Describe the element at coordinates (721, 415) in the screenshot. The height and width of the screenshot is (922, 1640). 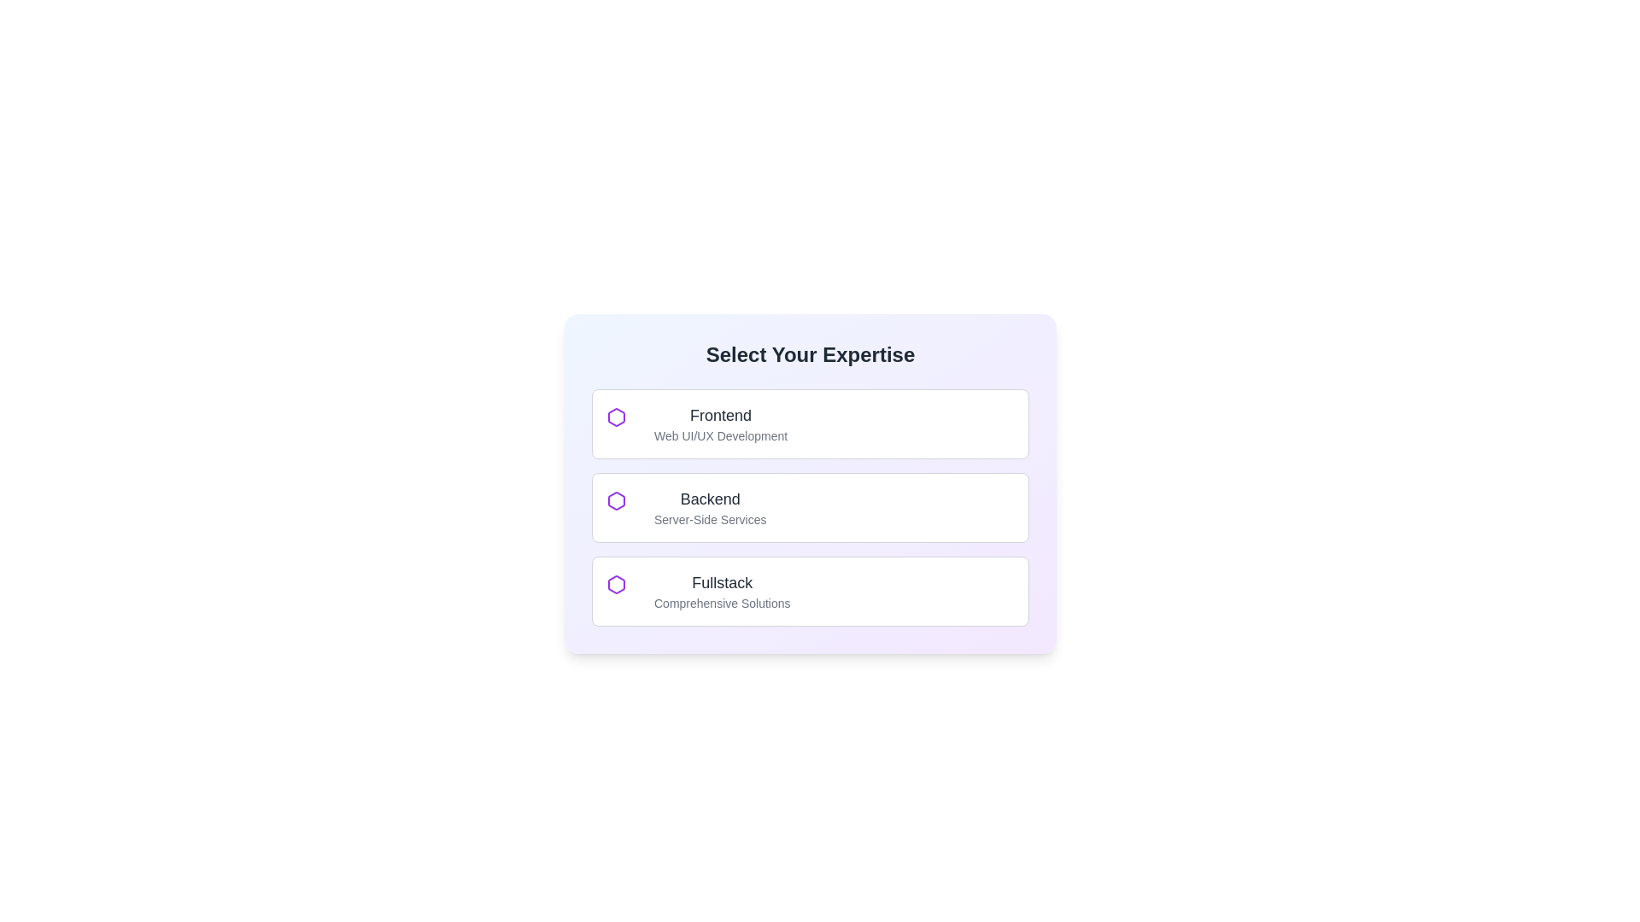
I see `the 'Frontend' text label, which is styled with a large bold font and dark gray color, located at the top of the option group in the interface` at that location.